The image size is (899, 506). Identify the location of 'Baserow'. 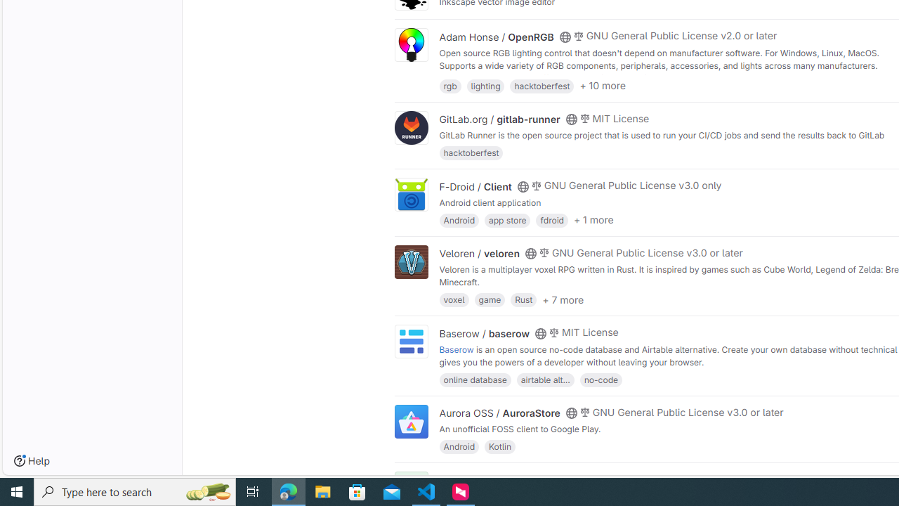
(456, 348).